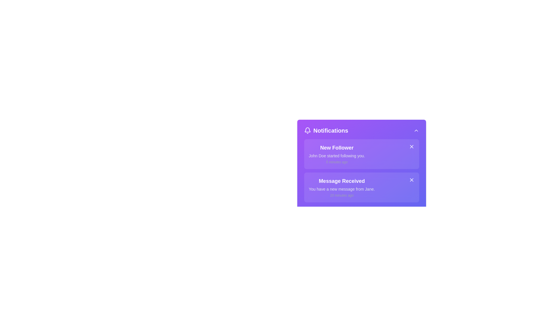 The height and width of the screenshot is (310, 552). Describe the element at coordinates (337, 148) in the screenshot. I see `the 'New Follower' text label displayed in bold white font within the purple notification card` at that location.